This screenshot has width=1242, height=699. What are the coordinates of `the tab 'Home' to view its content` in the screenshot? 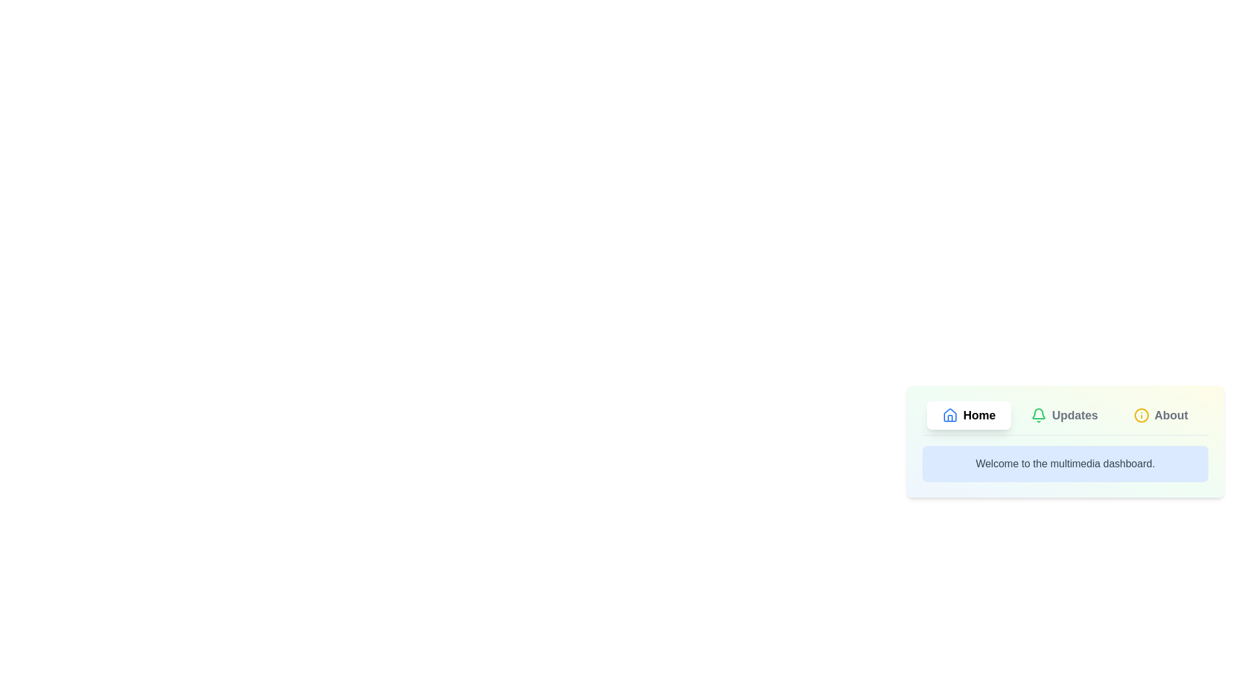 It's located at (968, 415).